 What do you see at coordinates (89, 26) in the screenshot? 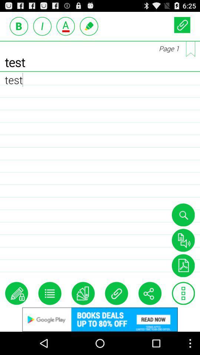
I see `messenger` at bounding box center [89, 26].